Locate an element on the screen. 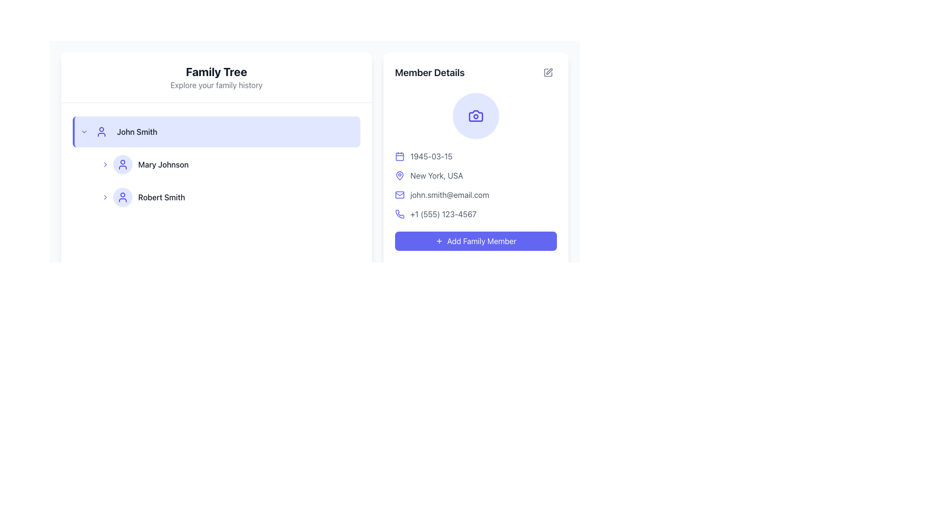 The width and height of the screenshot is (925, 520). the second icon under the 'Family Tree' section, which is aligned to the left of the 'Mary Johnson' text is located at coordinates (122, 164).